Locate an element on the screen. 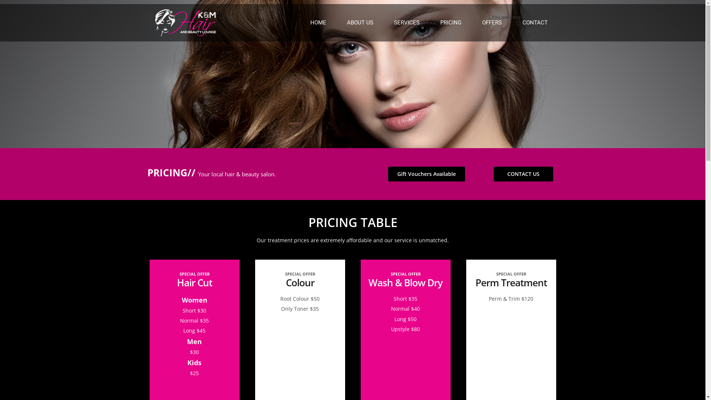 This screenshot has width=711, height=400. 'OFFERS' is located at coordinates (482, 22).